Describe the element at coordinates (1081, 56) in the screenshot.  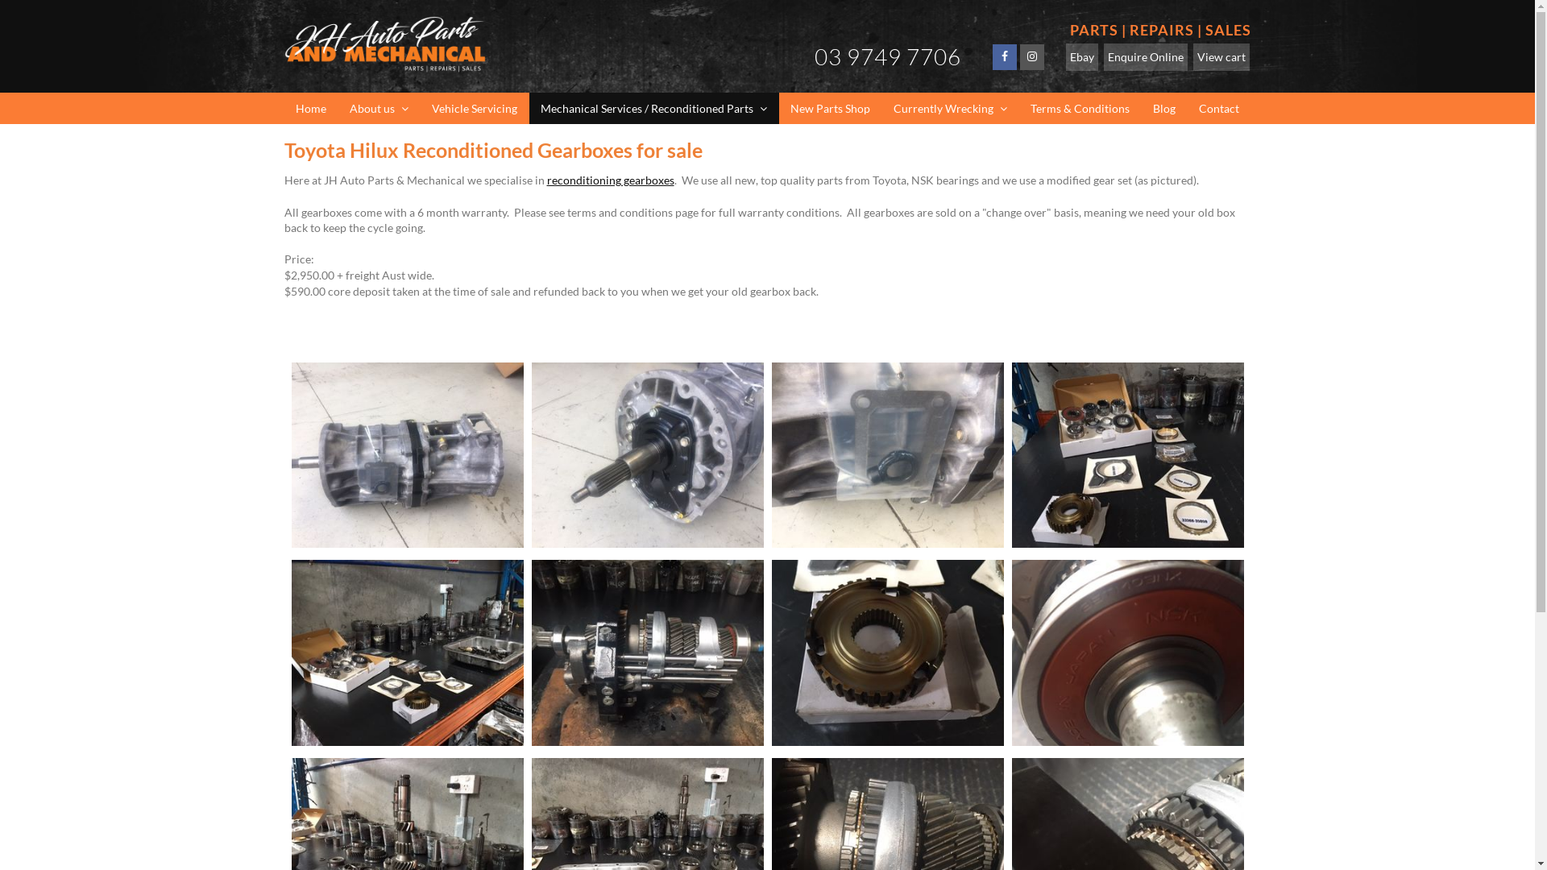
I see `'Ebay'` at that location.